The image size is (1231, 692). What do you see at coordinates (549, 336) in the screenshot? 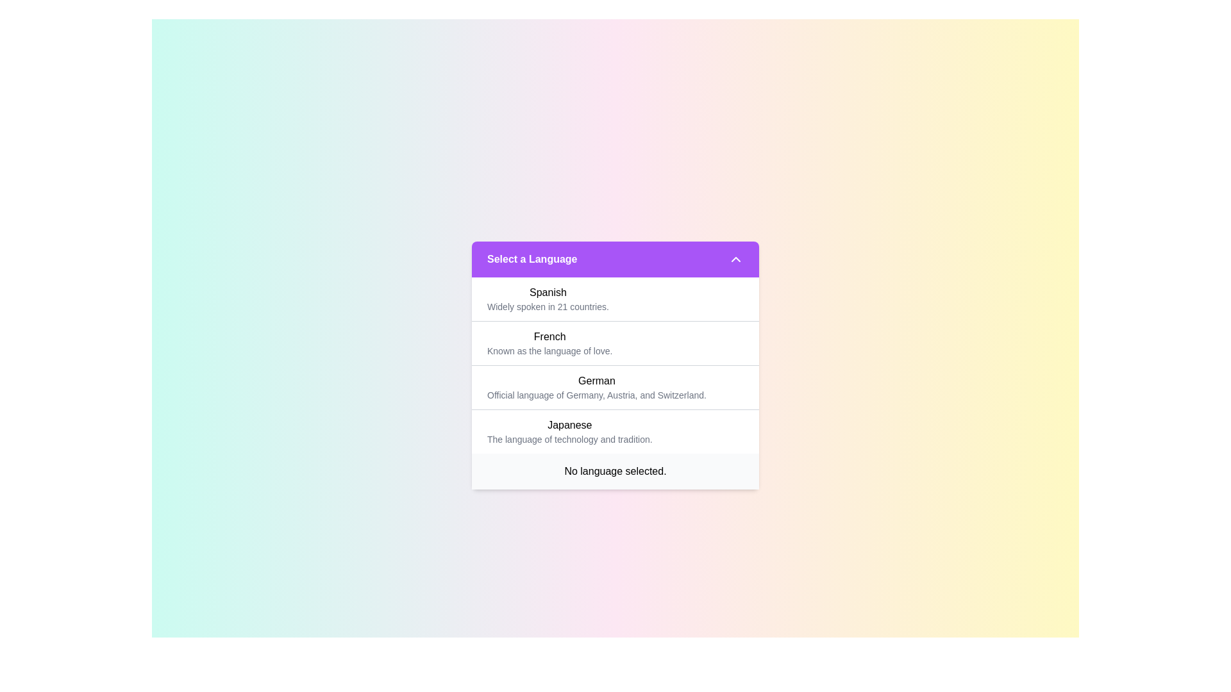
I see `the 'French' label in the language dropdown menu, which is styled in medium font weight and is the second entry in the list` at bounding box center [549, 336].